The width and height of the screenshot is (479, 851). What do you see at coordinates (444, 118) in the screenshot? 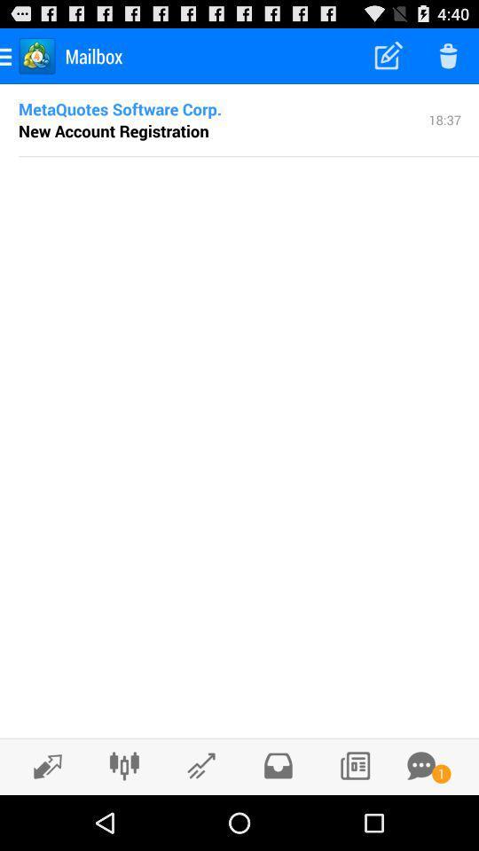
I see `the 18:37` at bounding box center [444, 118].